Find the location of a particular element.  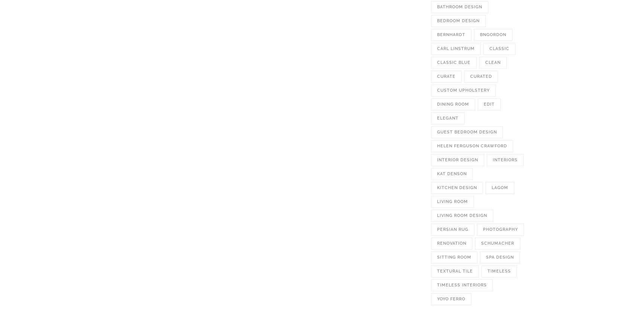

'timeless interiors' is located at coordinates (462, 285).